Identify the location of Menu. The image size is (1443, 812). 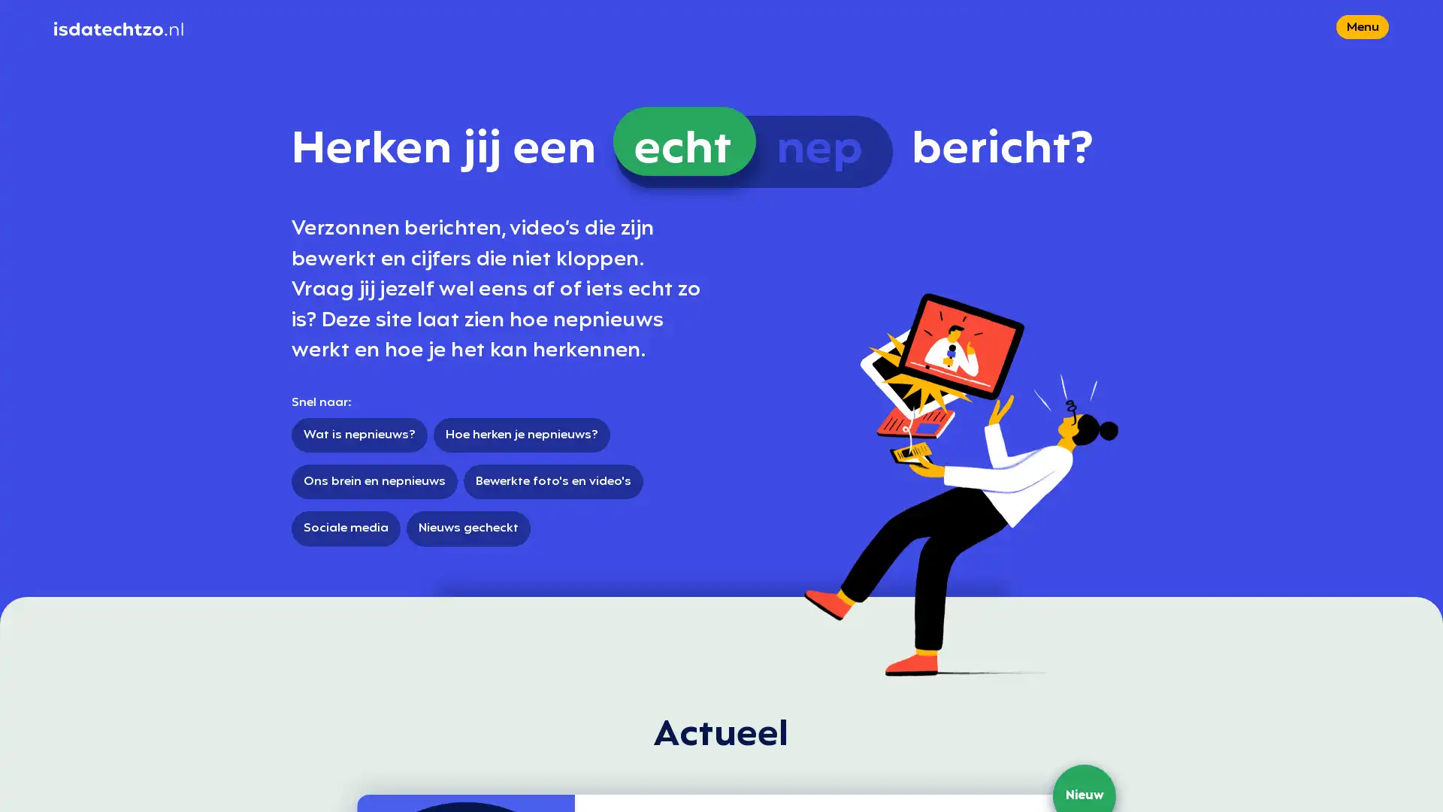
(1363, 48).